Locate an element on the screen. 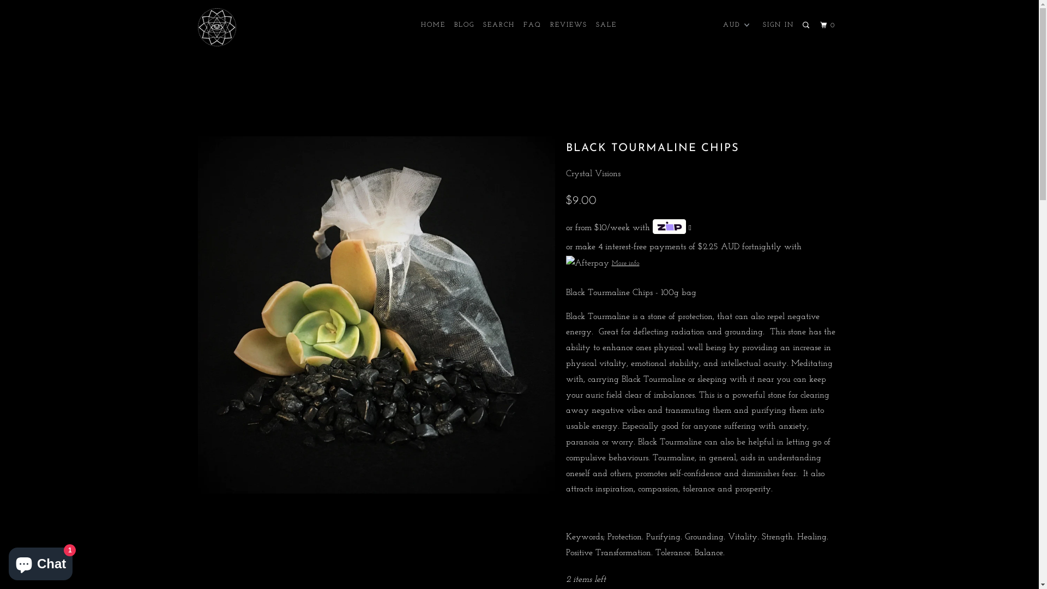 This screenshot has height=589, width=1047. 'Shopify online store chat' is located at coordinates (40, 561).